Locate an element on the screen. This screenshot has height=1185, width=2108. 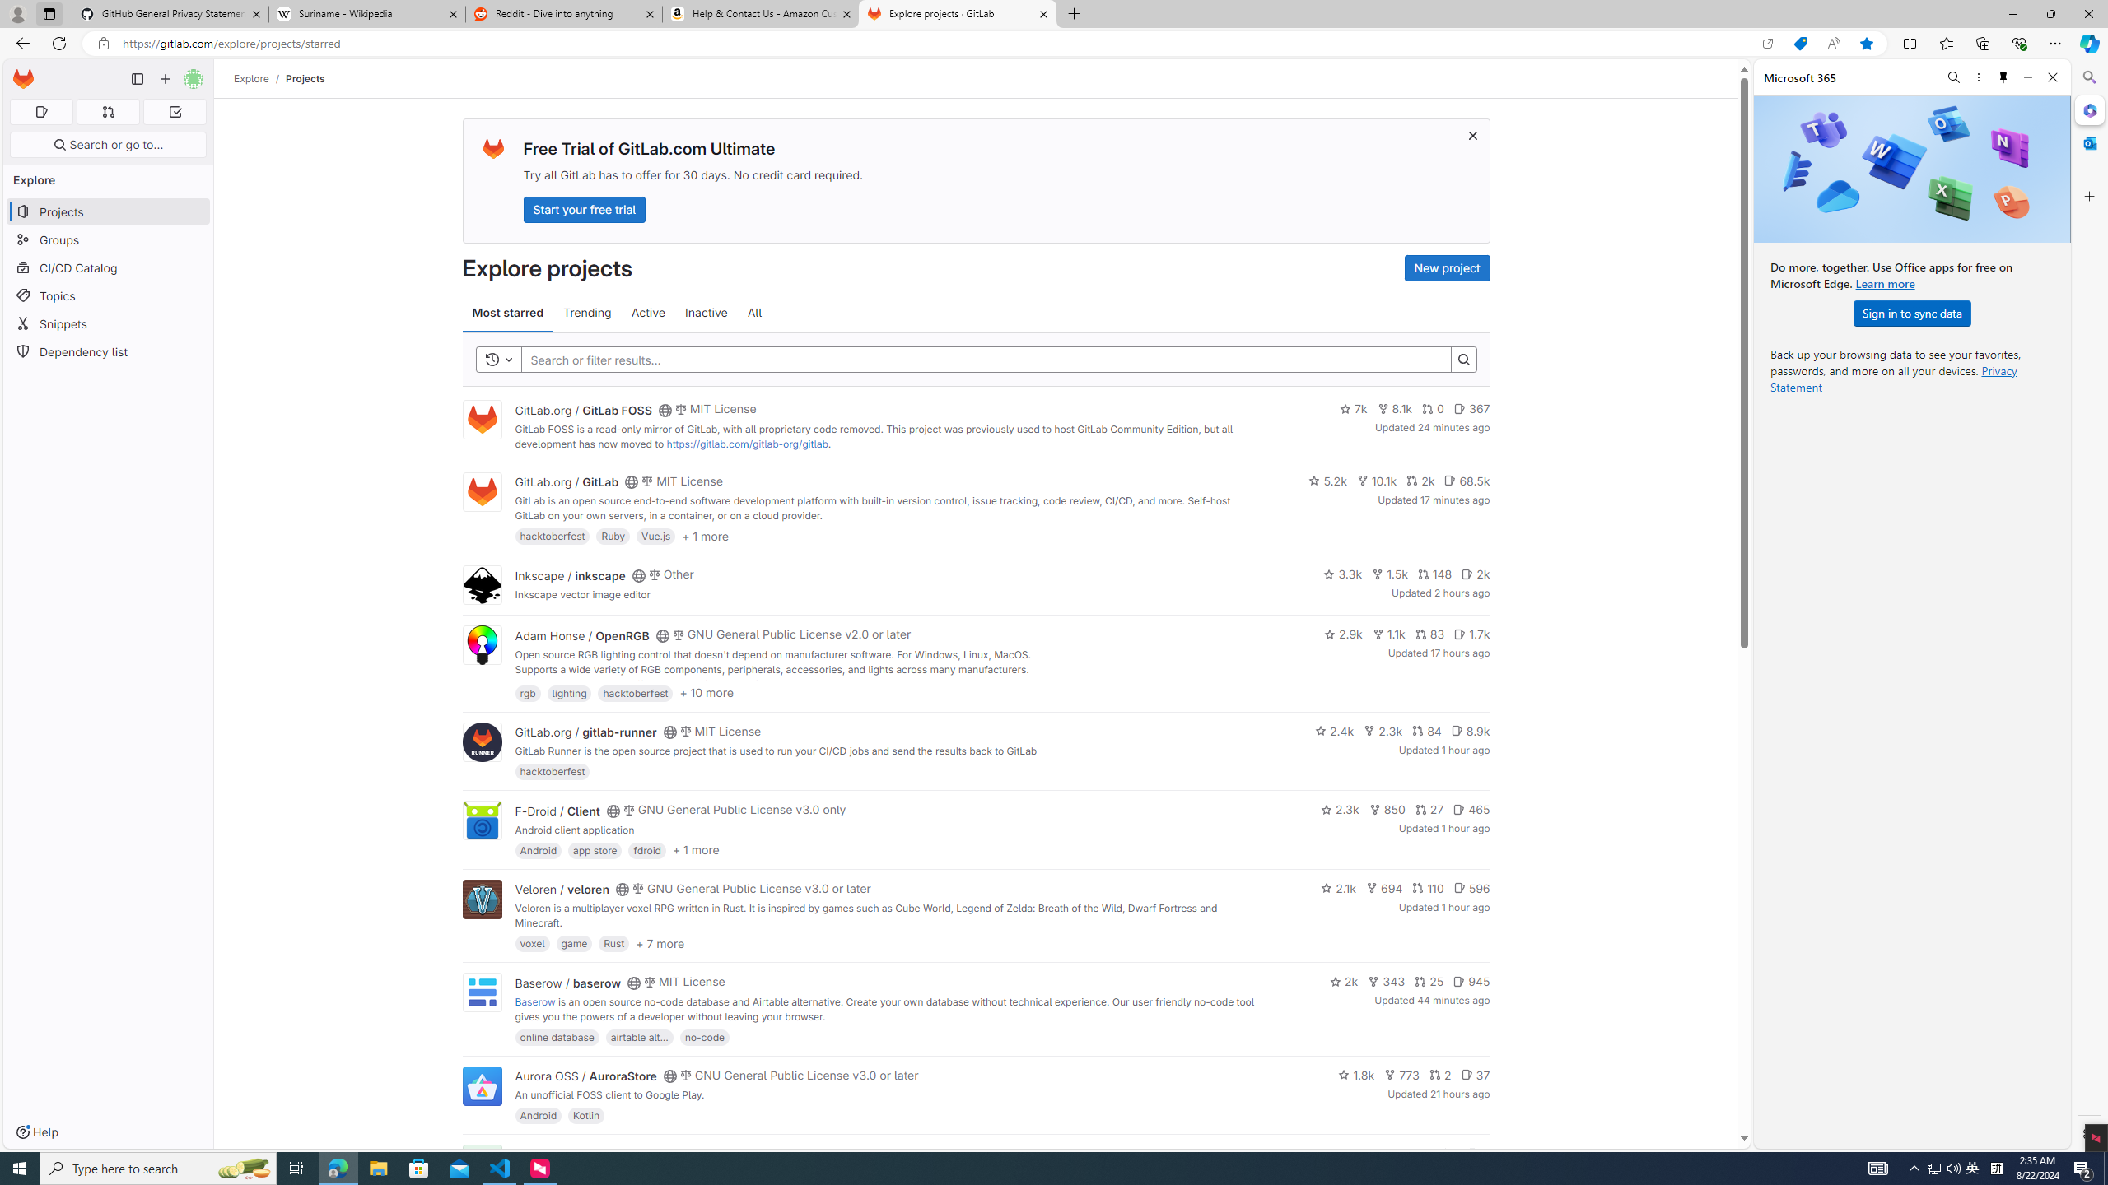
'465' is located at coordinates (1470, 810).